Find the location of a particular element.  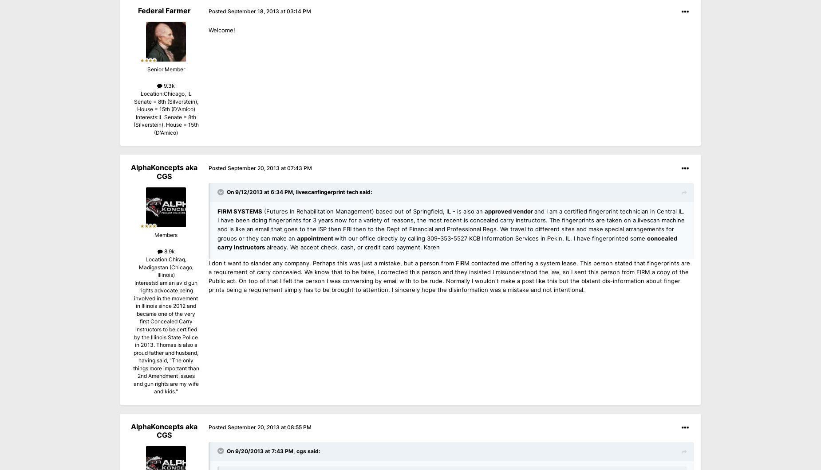

'Welcome!' is located at coordinates (222, 30).